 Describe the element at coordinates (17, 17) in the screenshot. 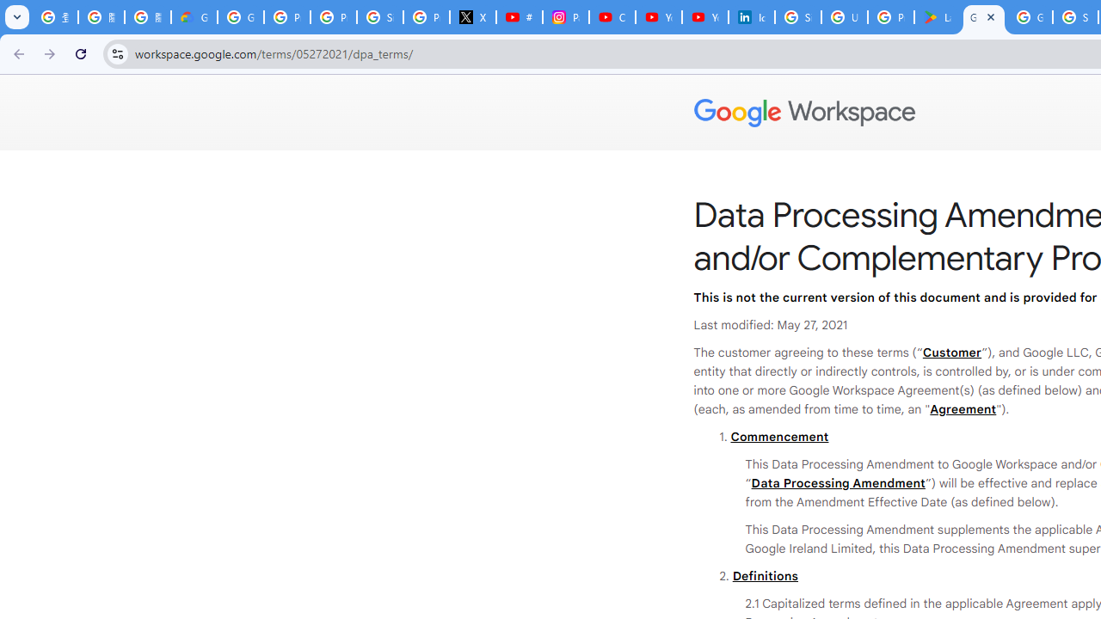

I see `'Search tabs'` at that location.